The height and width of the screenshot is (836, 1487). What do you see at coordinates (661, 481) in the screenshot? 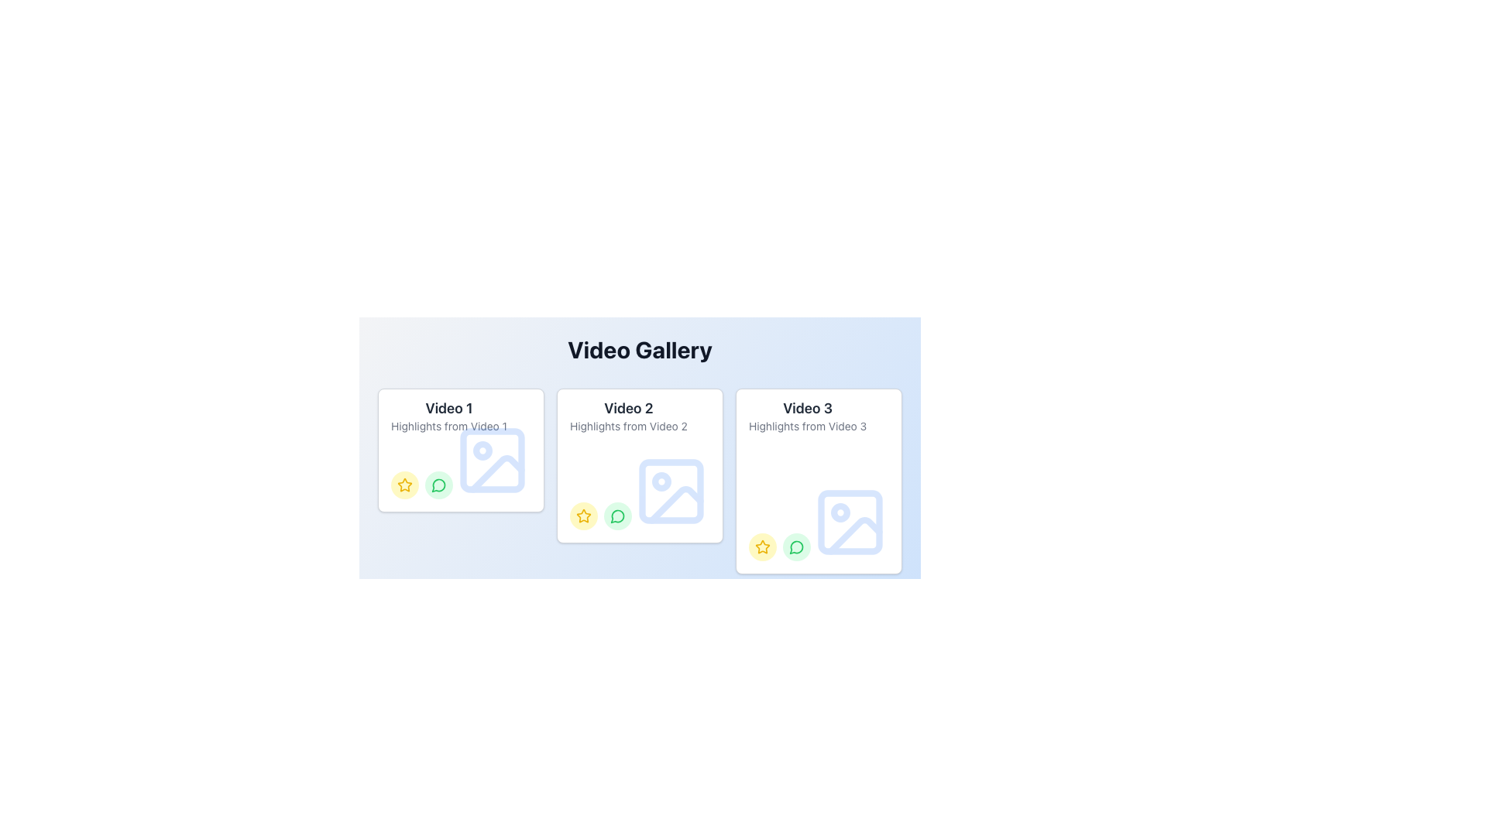
I see `the circular decorative element within the SVG graphic of the icon representing 'Video 2' in the second card` at bounding box center [661, 481].